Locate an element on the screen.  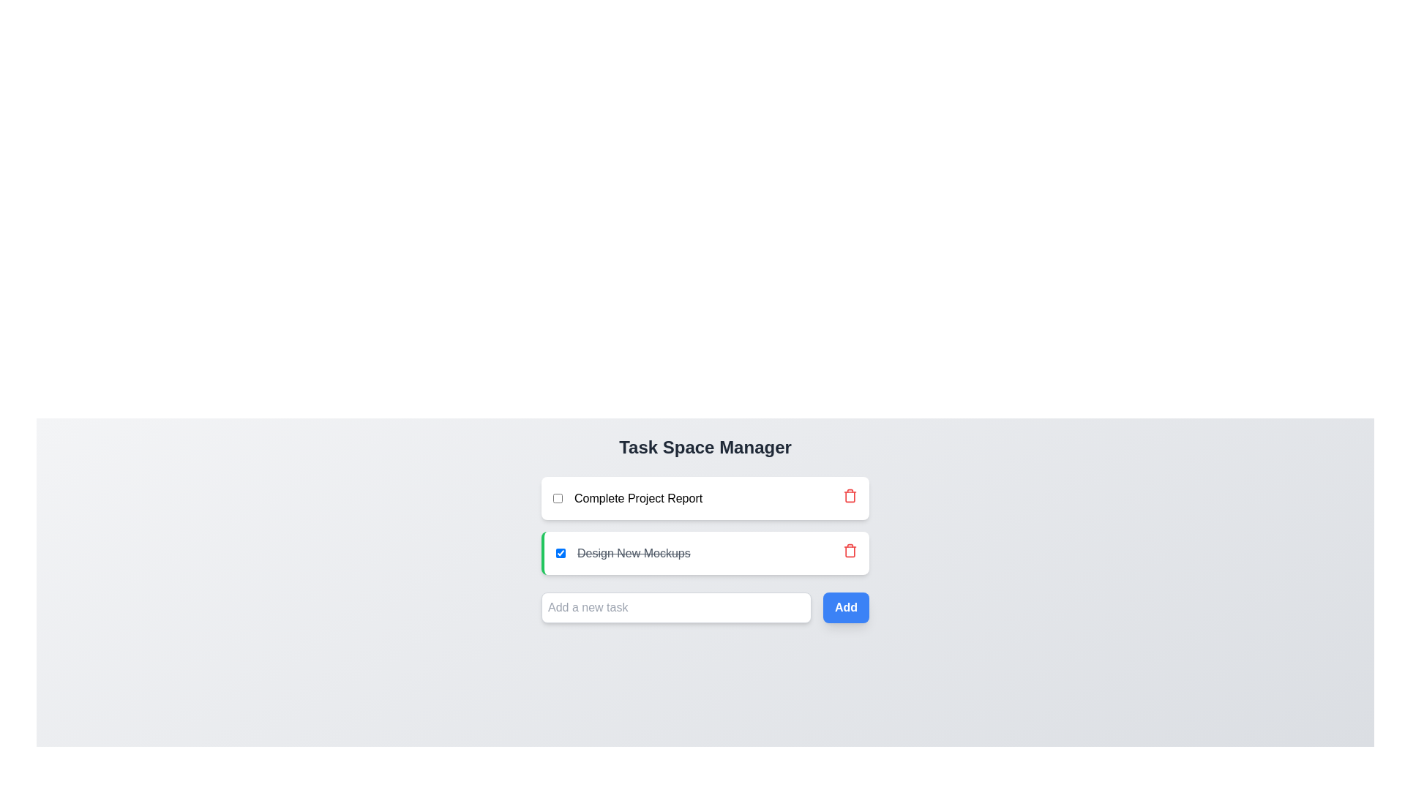
the deletion Icon button located at the far-right end of the row for the task labeled 'Design New Mockups' is located at coordinates (850, 553).